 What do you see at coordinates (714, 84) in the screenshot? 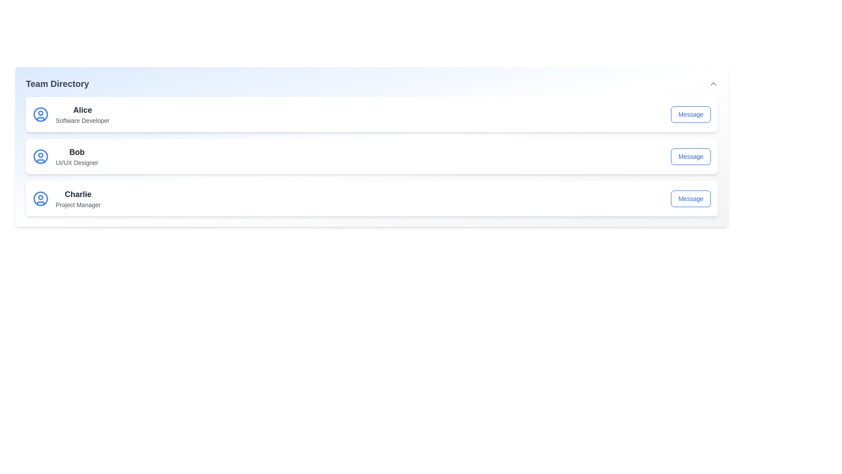
I see `the collapse button located at the far-right end of the header bar for the 'Team Directory' section to minimize or hide its contents` at bounding box center [714, 84].